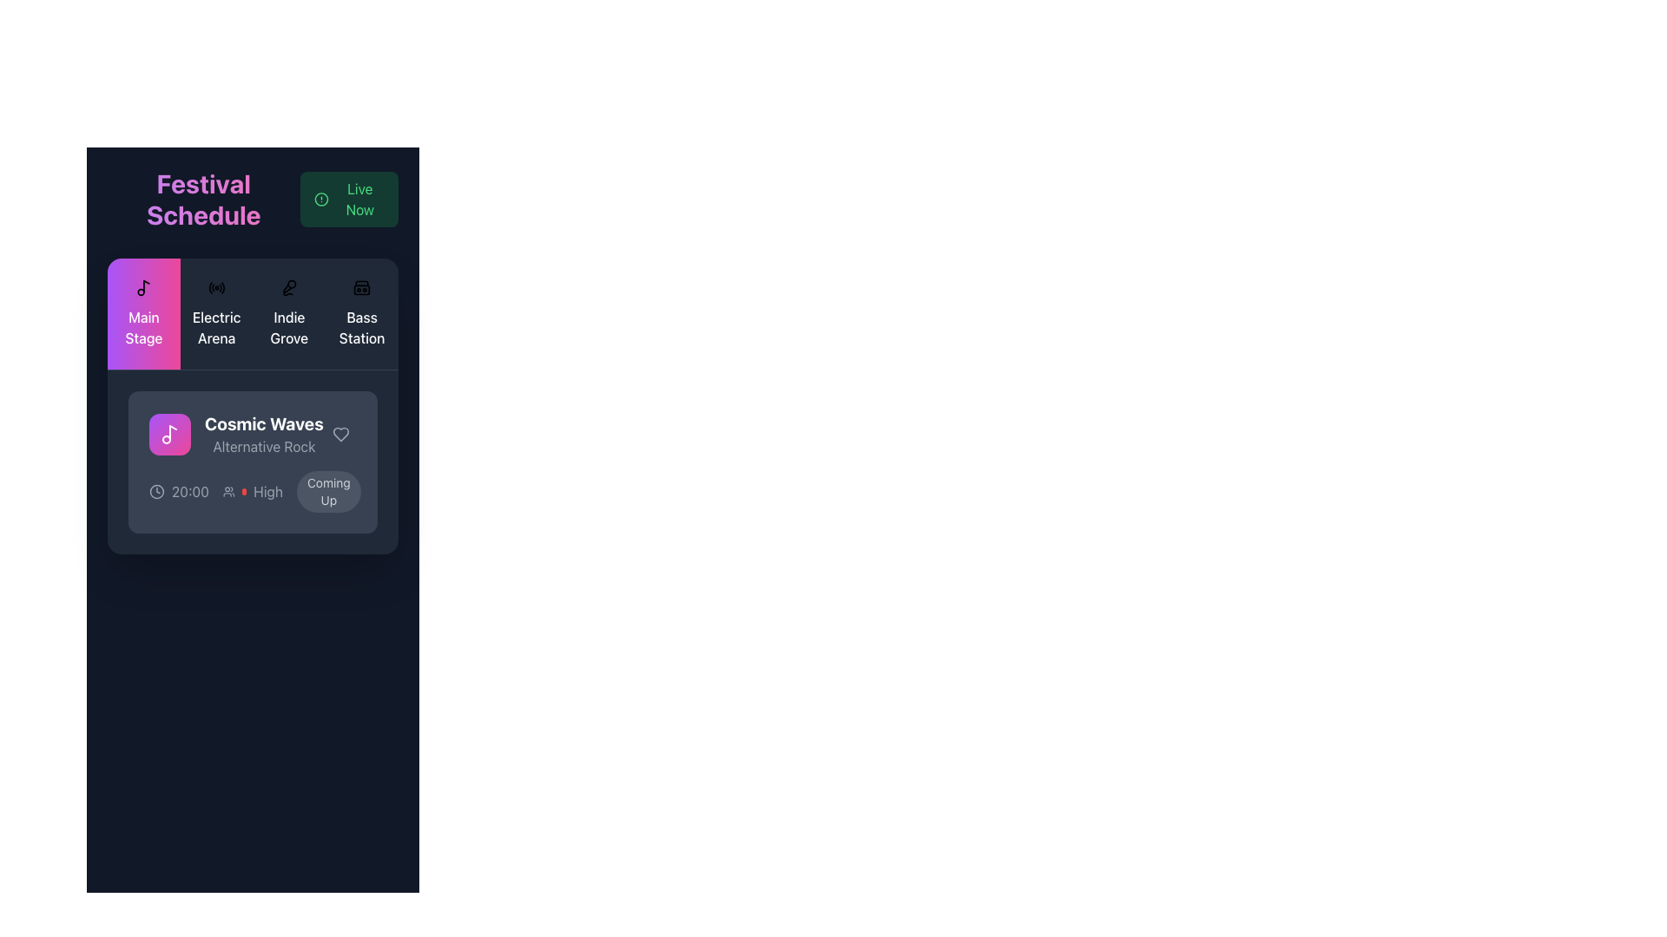  I want to click on the label displaying the time '20:00', which is styled in a moderate gray color and positioned to the right of the clock icon in the information row, so click(190, 492).